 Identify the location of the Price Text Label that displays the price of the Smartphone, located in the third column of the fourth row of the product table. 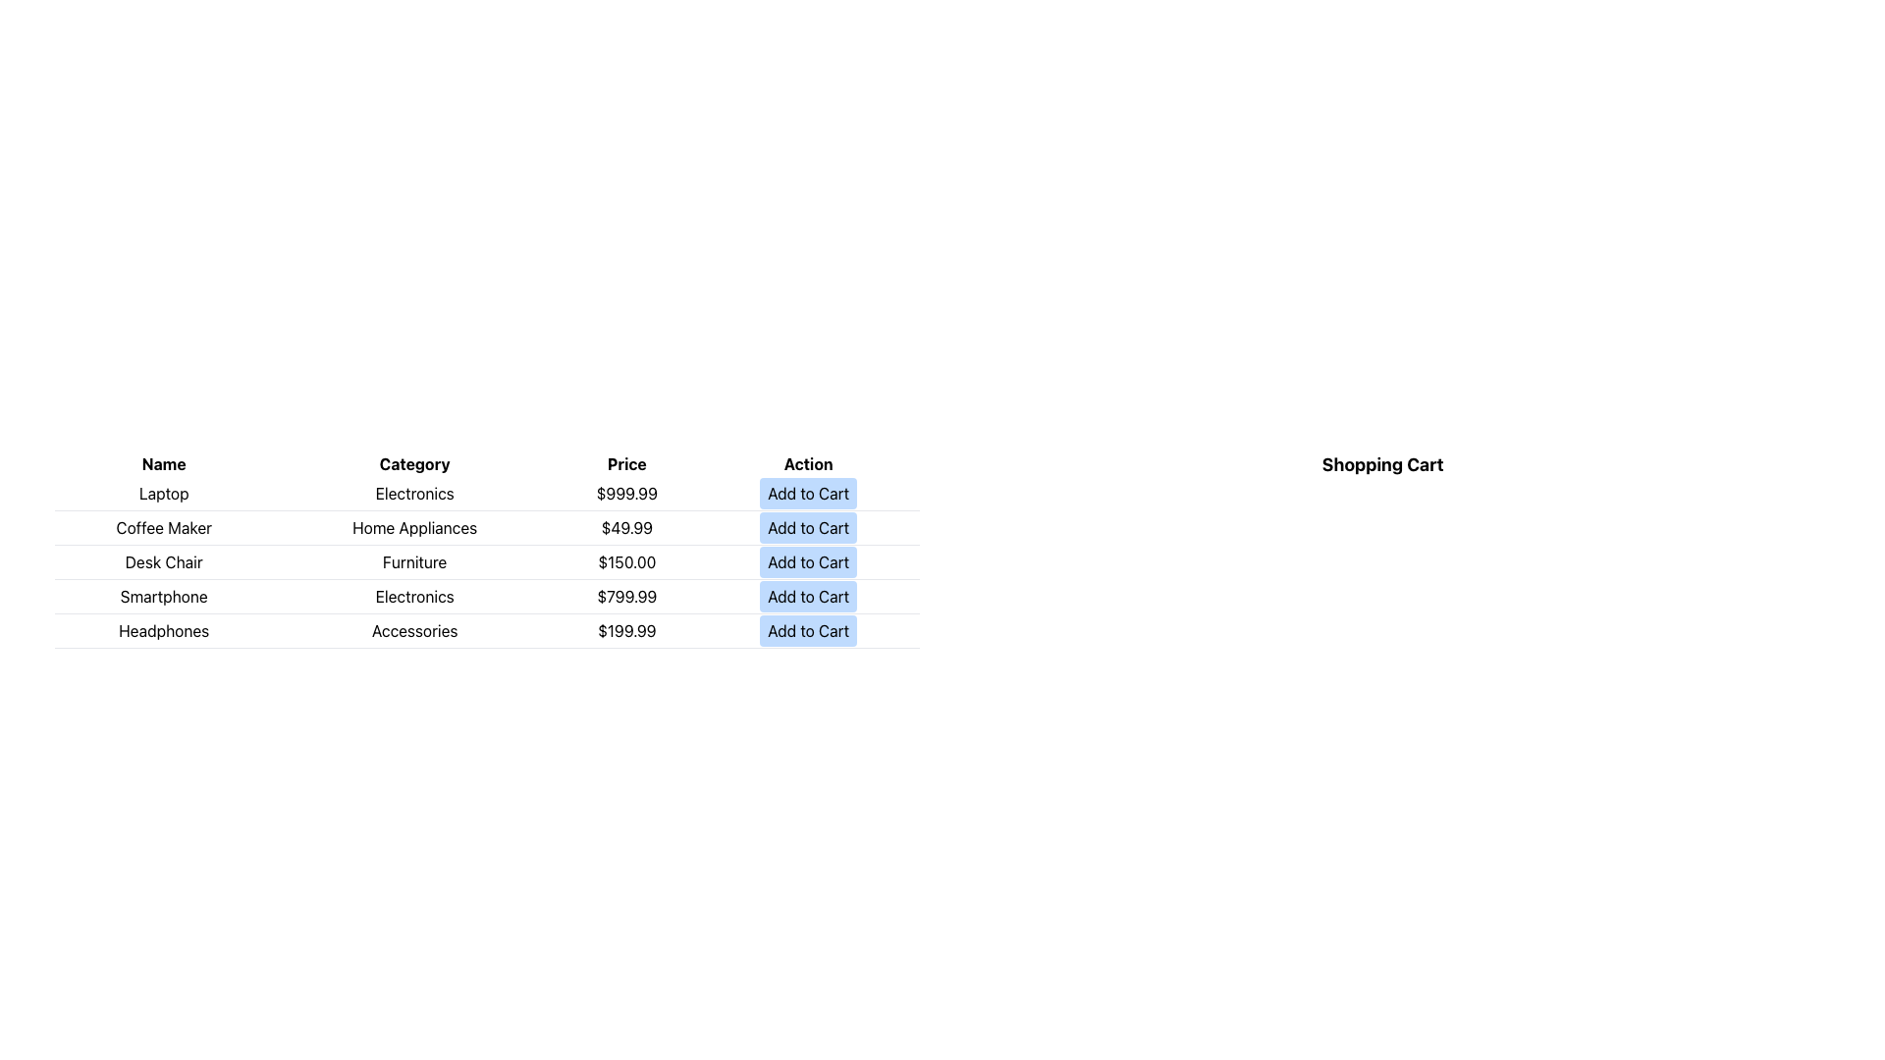
(625, 596).